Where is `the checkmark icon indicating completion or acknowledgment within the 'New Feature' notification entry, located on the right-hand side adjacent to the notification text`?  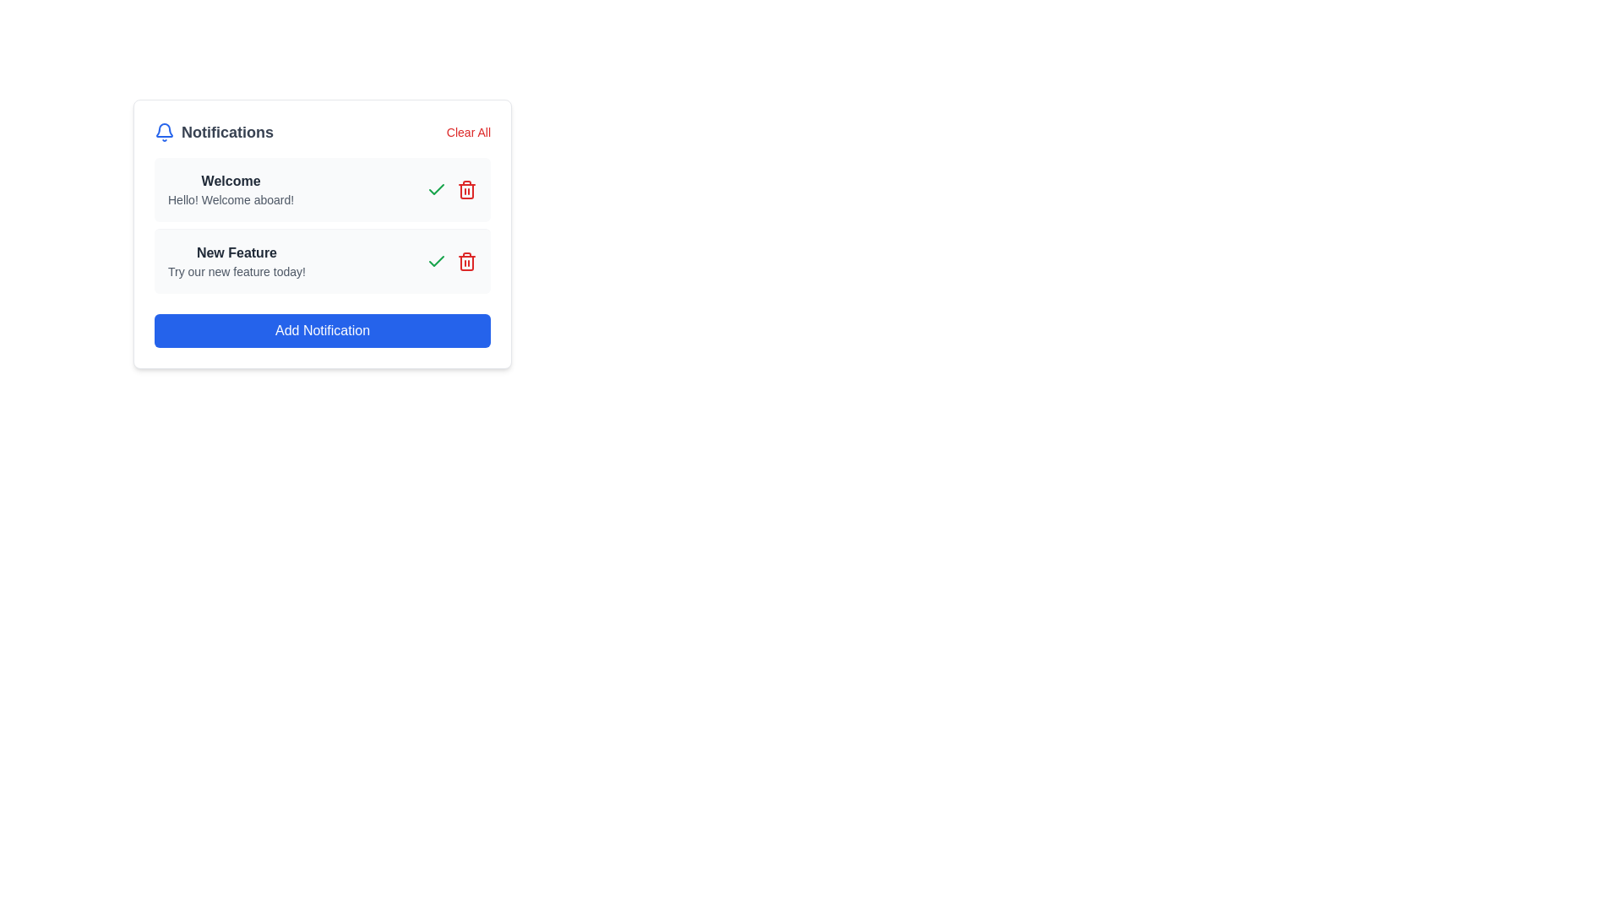 the checkmark icon indicating completion or acknowledgment within the 'New Feature' notification entry, located on the right-hand side adjacent to the notification text is located at coordinates (437, 189).